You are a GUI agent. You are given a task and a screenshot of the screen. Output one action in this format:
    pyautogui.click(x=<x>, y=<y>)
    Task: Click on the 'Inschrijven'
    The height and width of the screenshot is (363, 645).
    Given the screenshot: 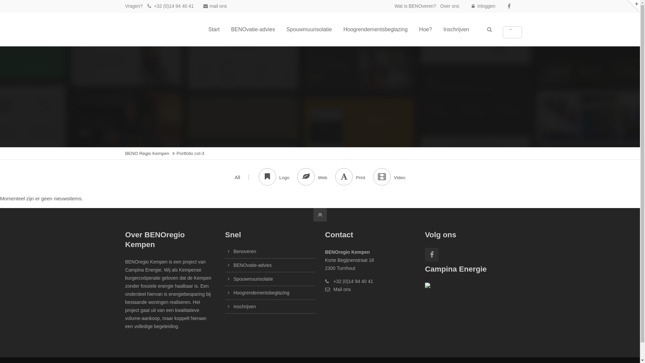 What is the action you would take?
    pyautogui.click(x=456, y=29)
    